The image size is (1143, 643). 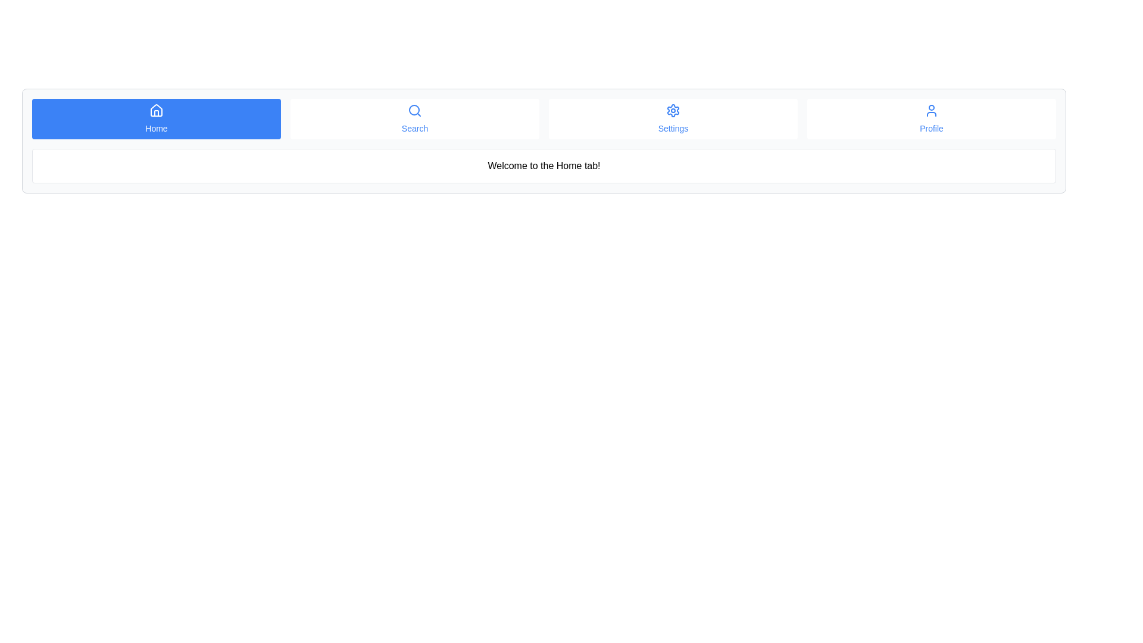 I want to click on informative text label that indicates navigation to the Home section, located inside a blue rectangular button beneath a house icon, so click(x=156, y=129).